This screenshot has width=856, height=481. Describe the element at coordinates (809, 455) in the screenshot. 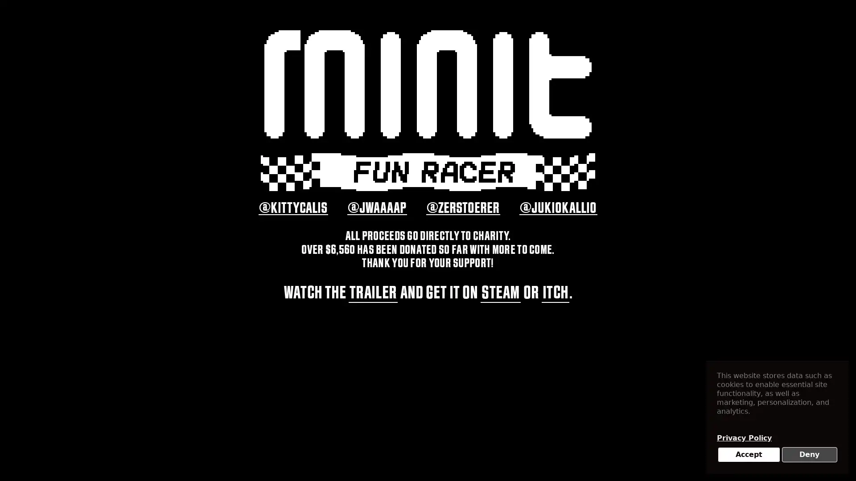

I see `Deny` at that location.